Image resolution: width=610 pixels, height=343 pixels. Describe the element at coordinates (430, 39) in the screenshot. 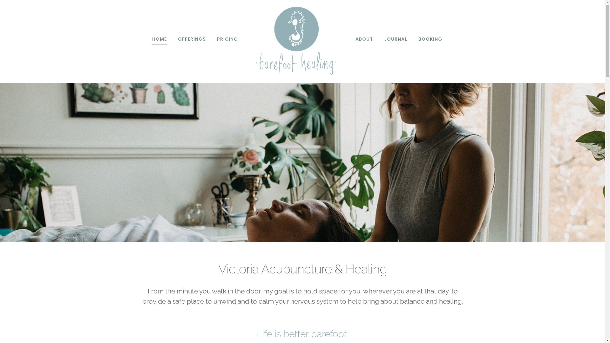

I see `'BOOKING'` at that location.